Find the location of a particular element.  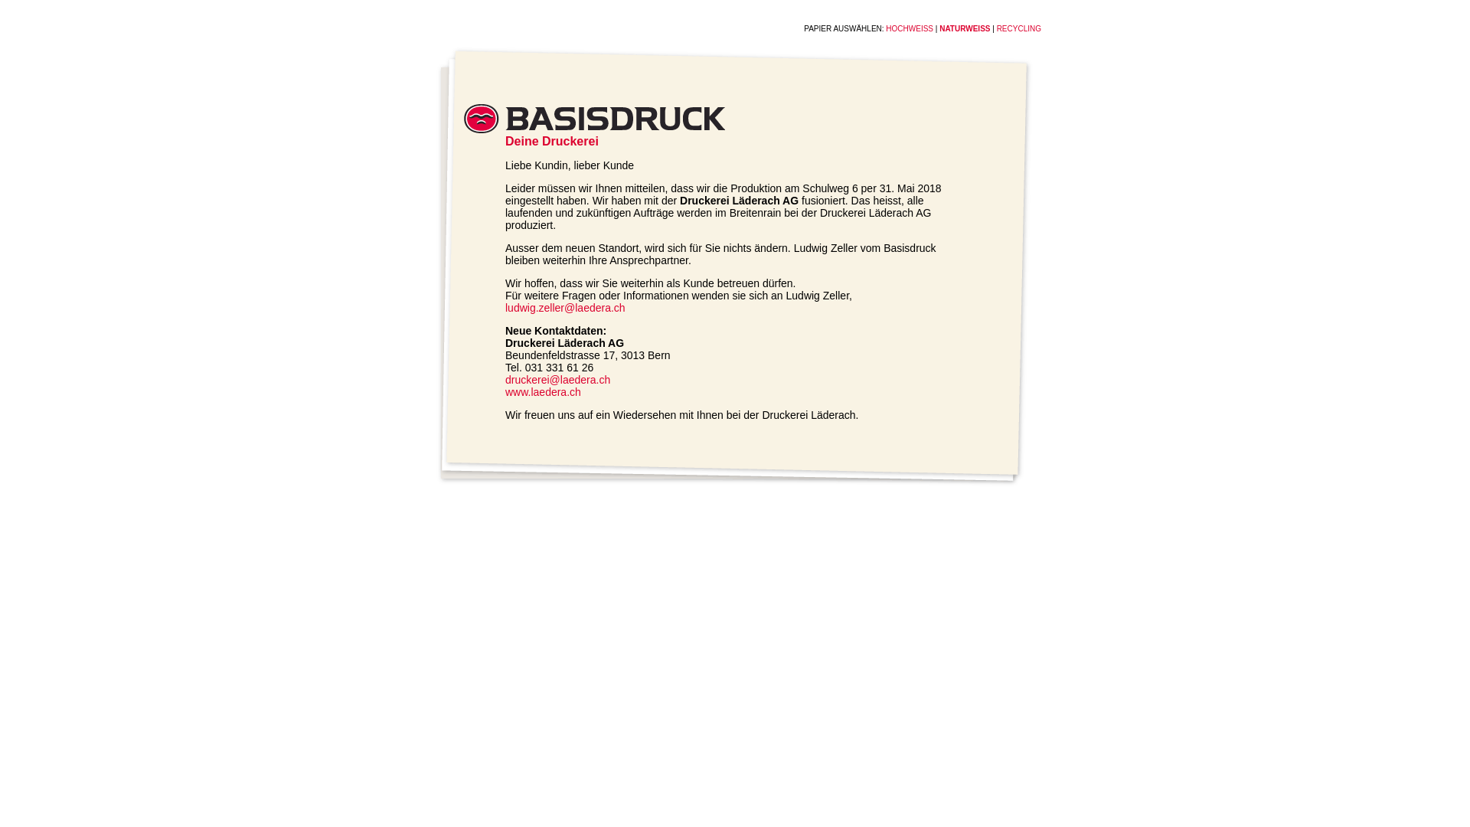

'www.laedera.ch' is located at coordinates (505, 391).